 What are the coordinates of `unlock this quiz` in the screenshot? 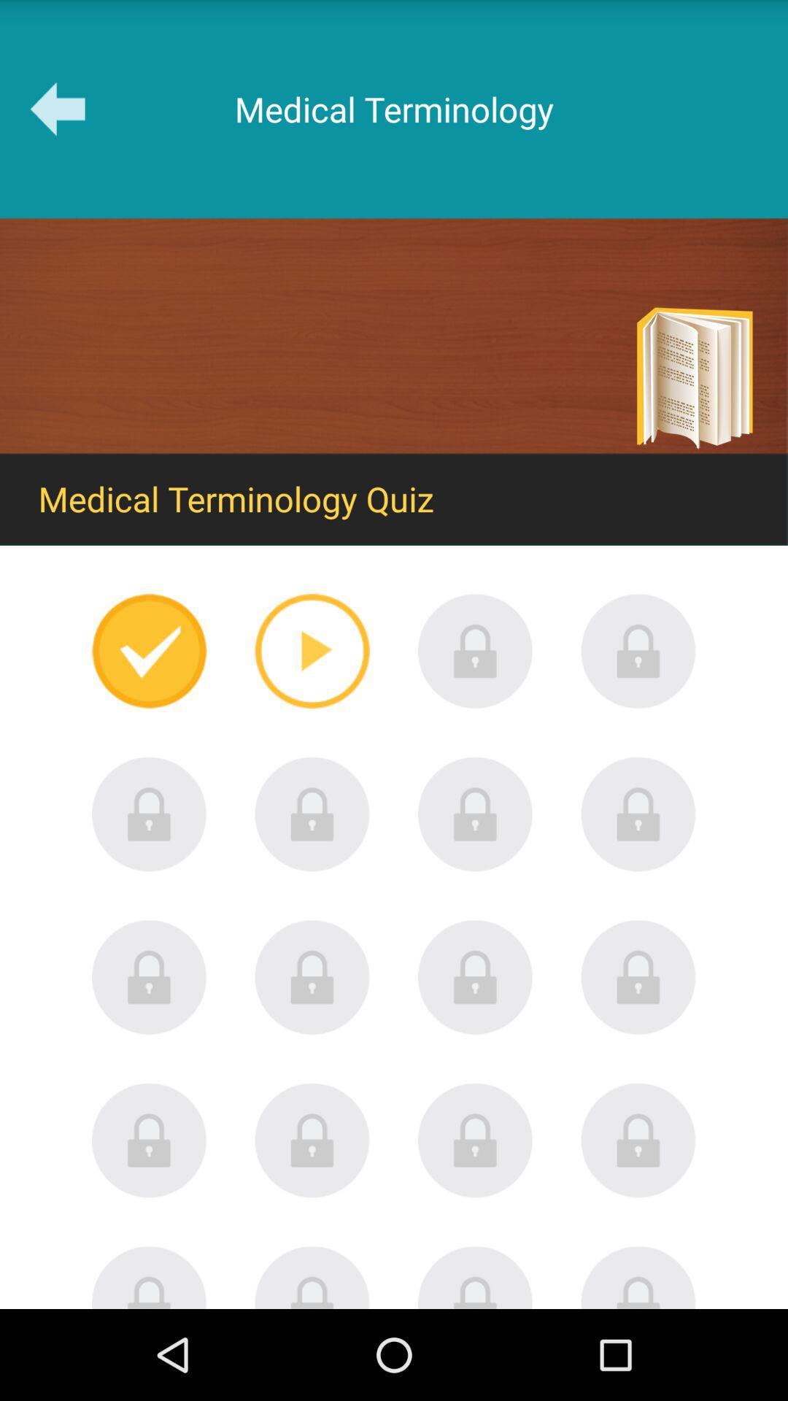 It's located at (638, 1276).